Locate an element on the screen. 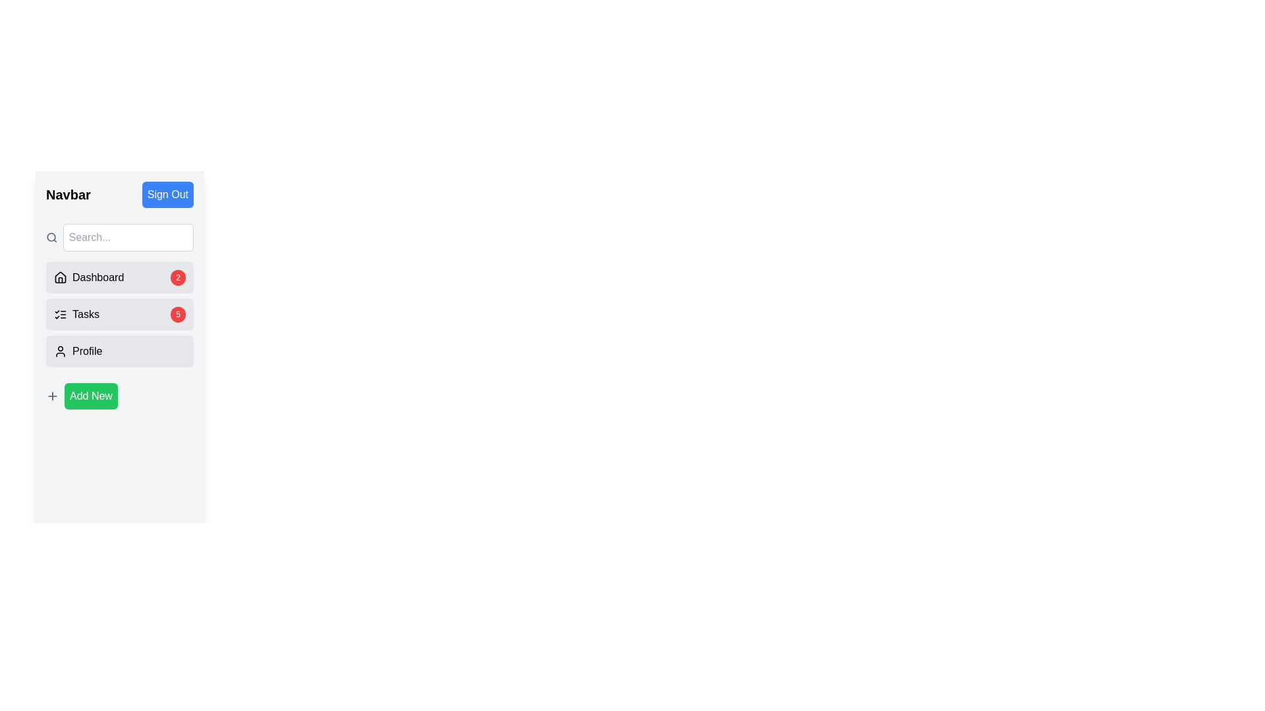 The height and width of the screenshot is (711, 1265). the 'Tasks' button-like menu item located in the main navigation bar, which is the second item below 'Dashboard' and above 'Profile', to observe any tooltip or styling changes is located at coordinates (120, 315).